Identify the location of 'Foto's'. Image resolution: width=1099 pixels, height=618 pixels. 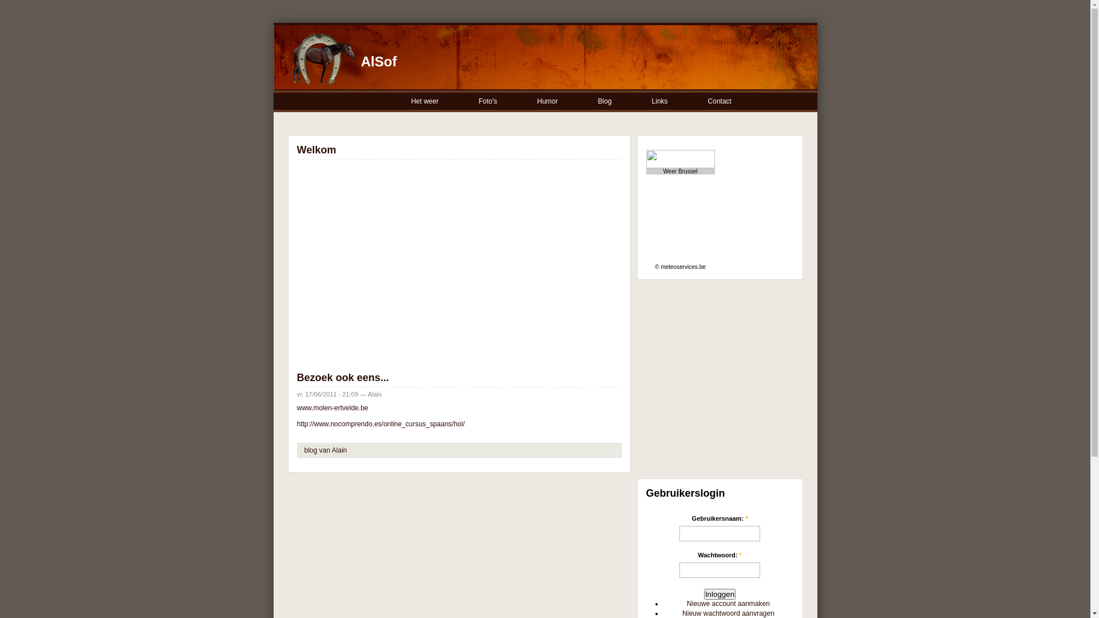
(488, 101).